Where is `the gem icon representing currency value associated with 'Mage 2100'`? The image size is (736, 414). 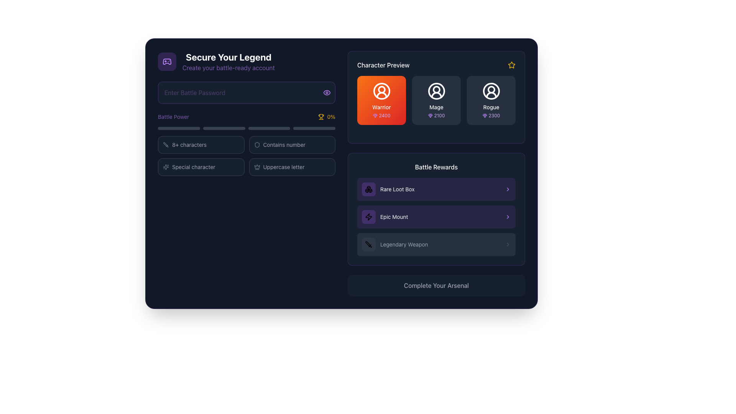 the gem icon representing currency value associated with 'Mage 2100' is located at coordinates (430, 115).